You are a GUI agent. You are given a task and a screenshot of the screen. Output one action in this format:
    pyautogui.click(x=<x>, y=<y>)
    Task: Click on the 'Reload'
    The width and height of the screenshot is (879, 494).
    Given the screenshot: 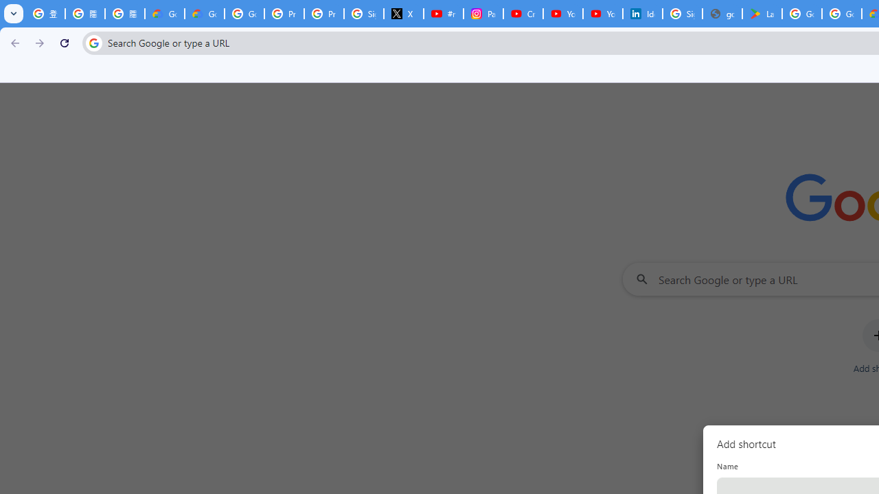 What is the action you would take?
    pyautogui.click(x=64, y=42)
    